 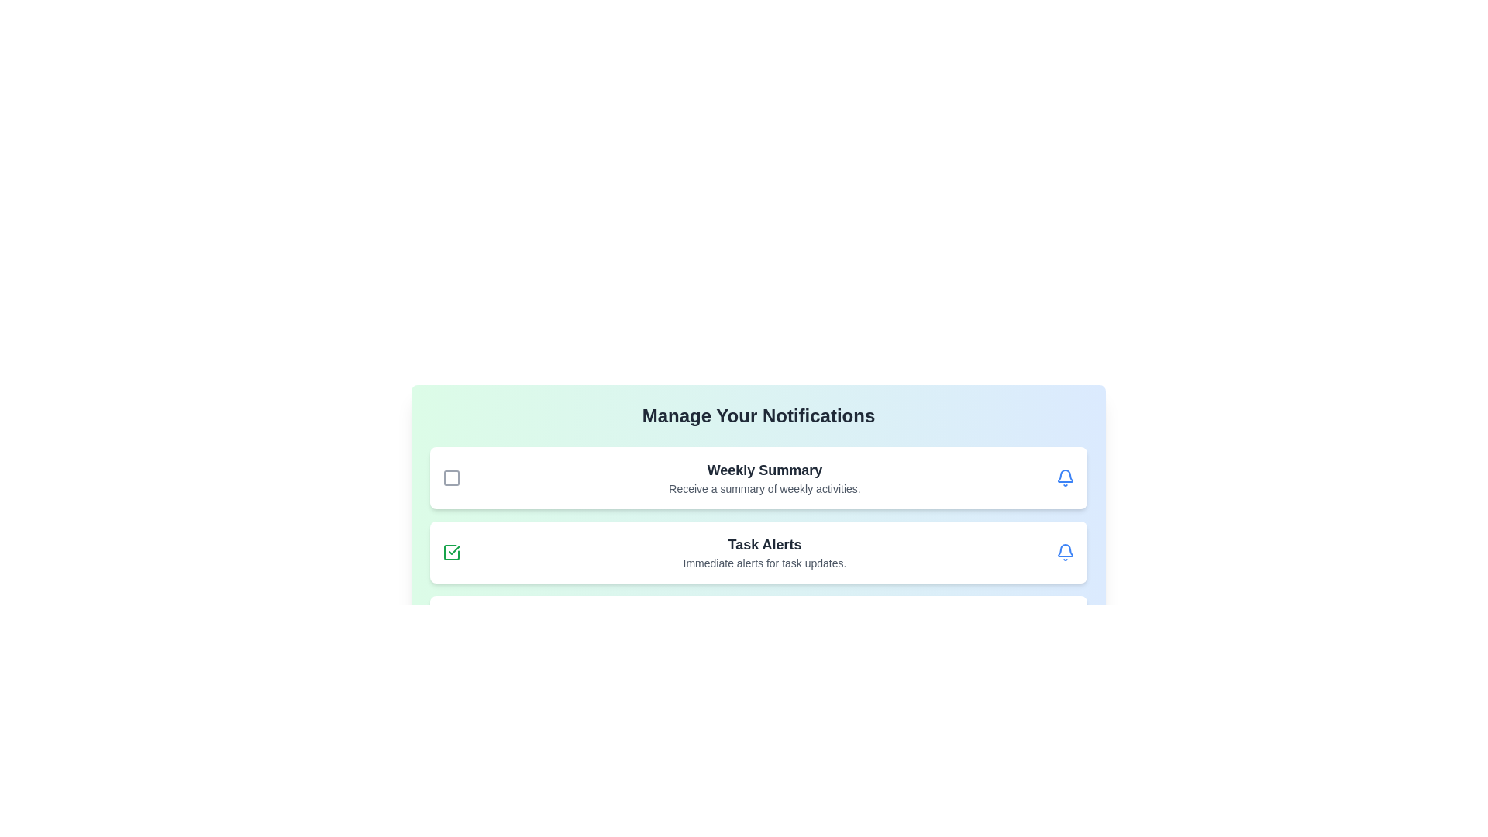 I want to click on the 'Task Alerts' notification setting description, which is centrally positioned next to a checkbox icon and followed by a bell icon, so click(x=765, y=552).